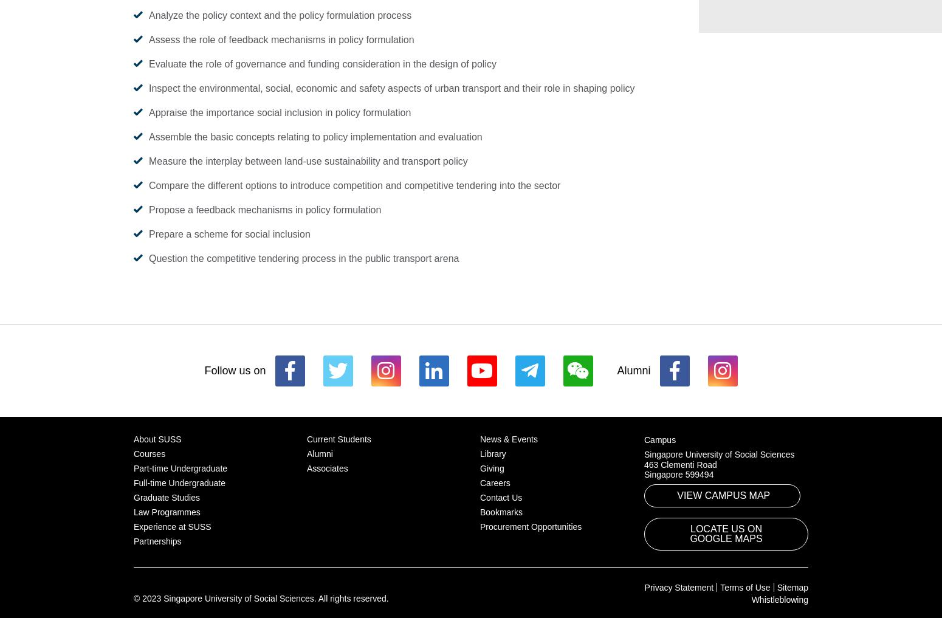 Image resolution: width=942 pixels, height=618 pixels. Describe the element at coordinates (500, 496) in the screenshot. I see `'Contact Us'` at that location.